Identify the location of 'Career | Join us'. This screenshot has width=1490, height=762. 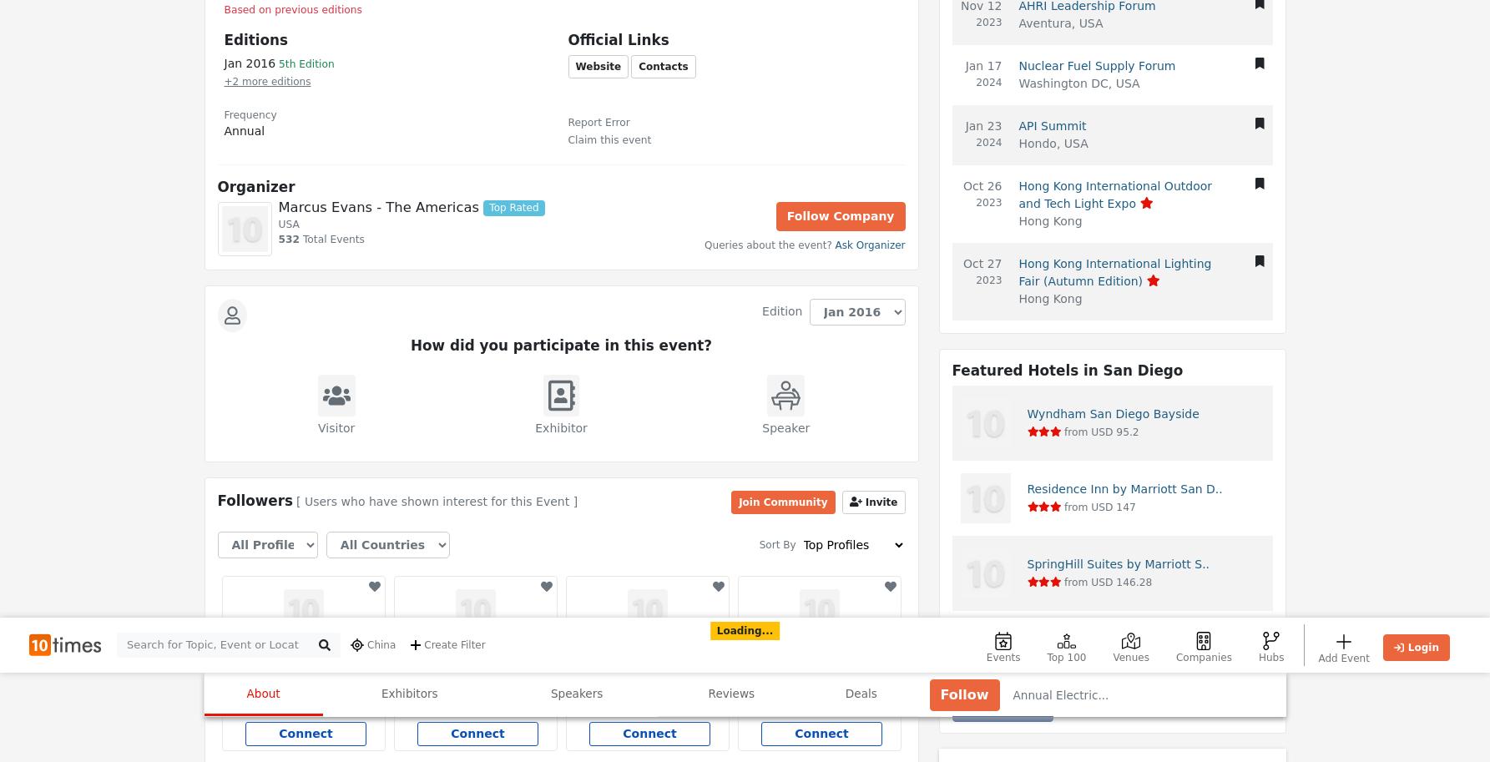
(255, 736).